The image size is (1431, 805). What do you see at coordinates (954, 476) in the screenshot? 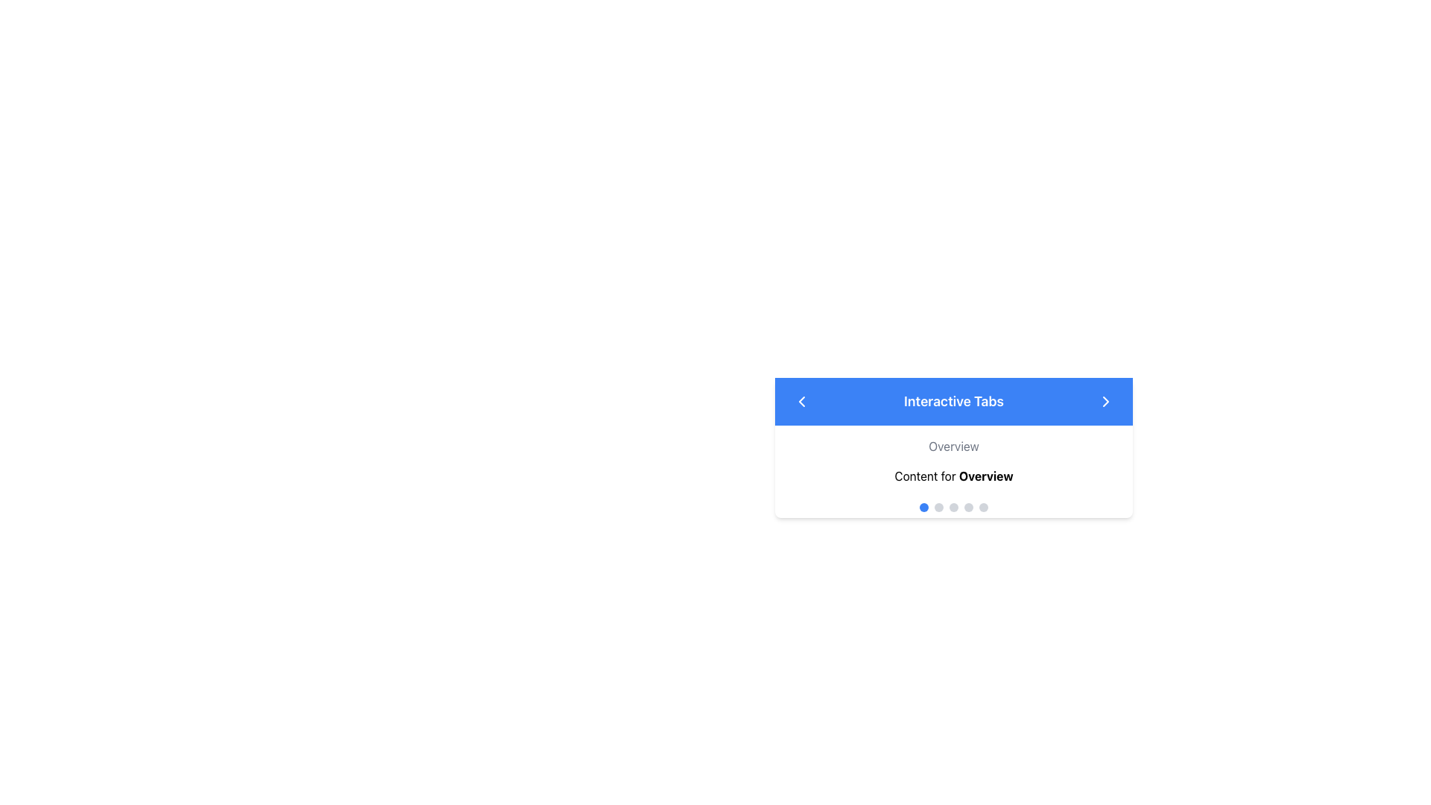
I see `the static text element containing the phrase 'Content for Overview', which is centrally aligned beneath the 'Overview' text` at bounding box center [954, 476].